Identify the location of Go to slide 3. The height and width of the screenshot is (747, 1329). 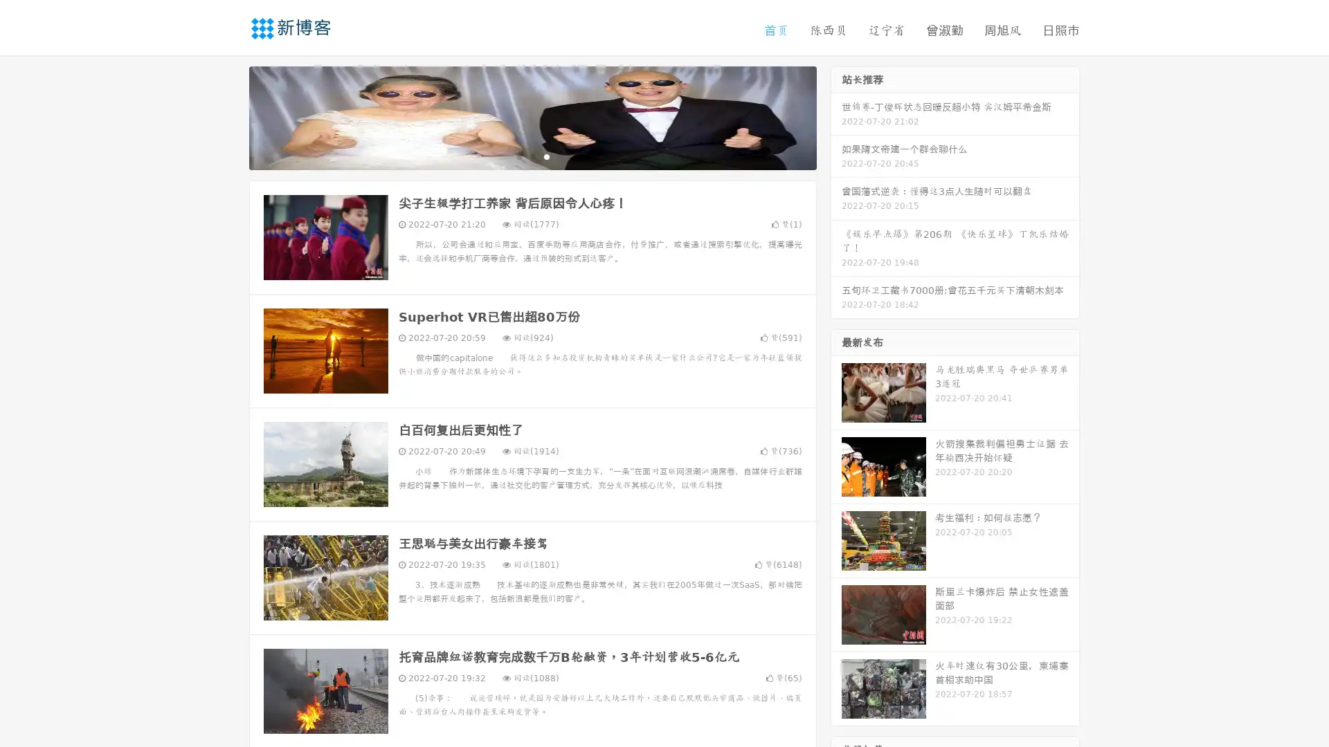
(546, 156).